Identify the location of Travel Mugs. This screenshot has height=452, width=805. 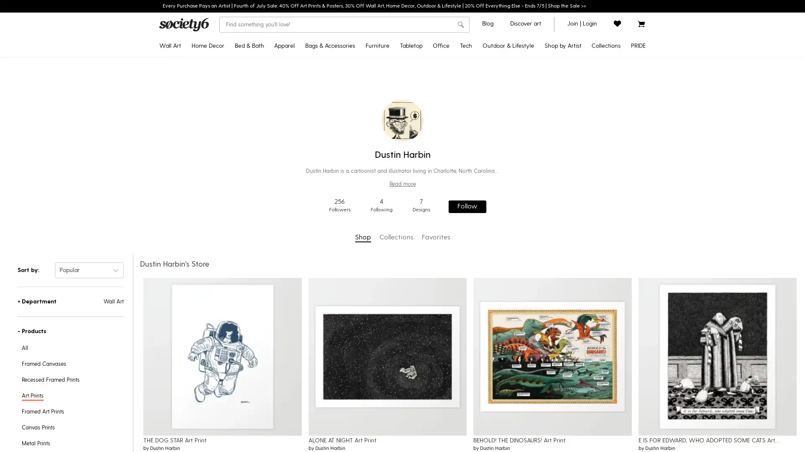
(519, 121).